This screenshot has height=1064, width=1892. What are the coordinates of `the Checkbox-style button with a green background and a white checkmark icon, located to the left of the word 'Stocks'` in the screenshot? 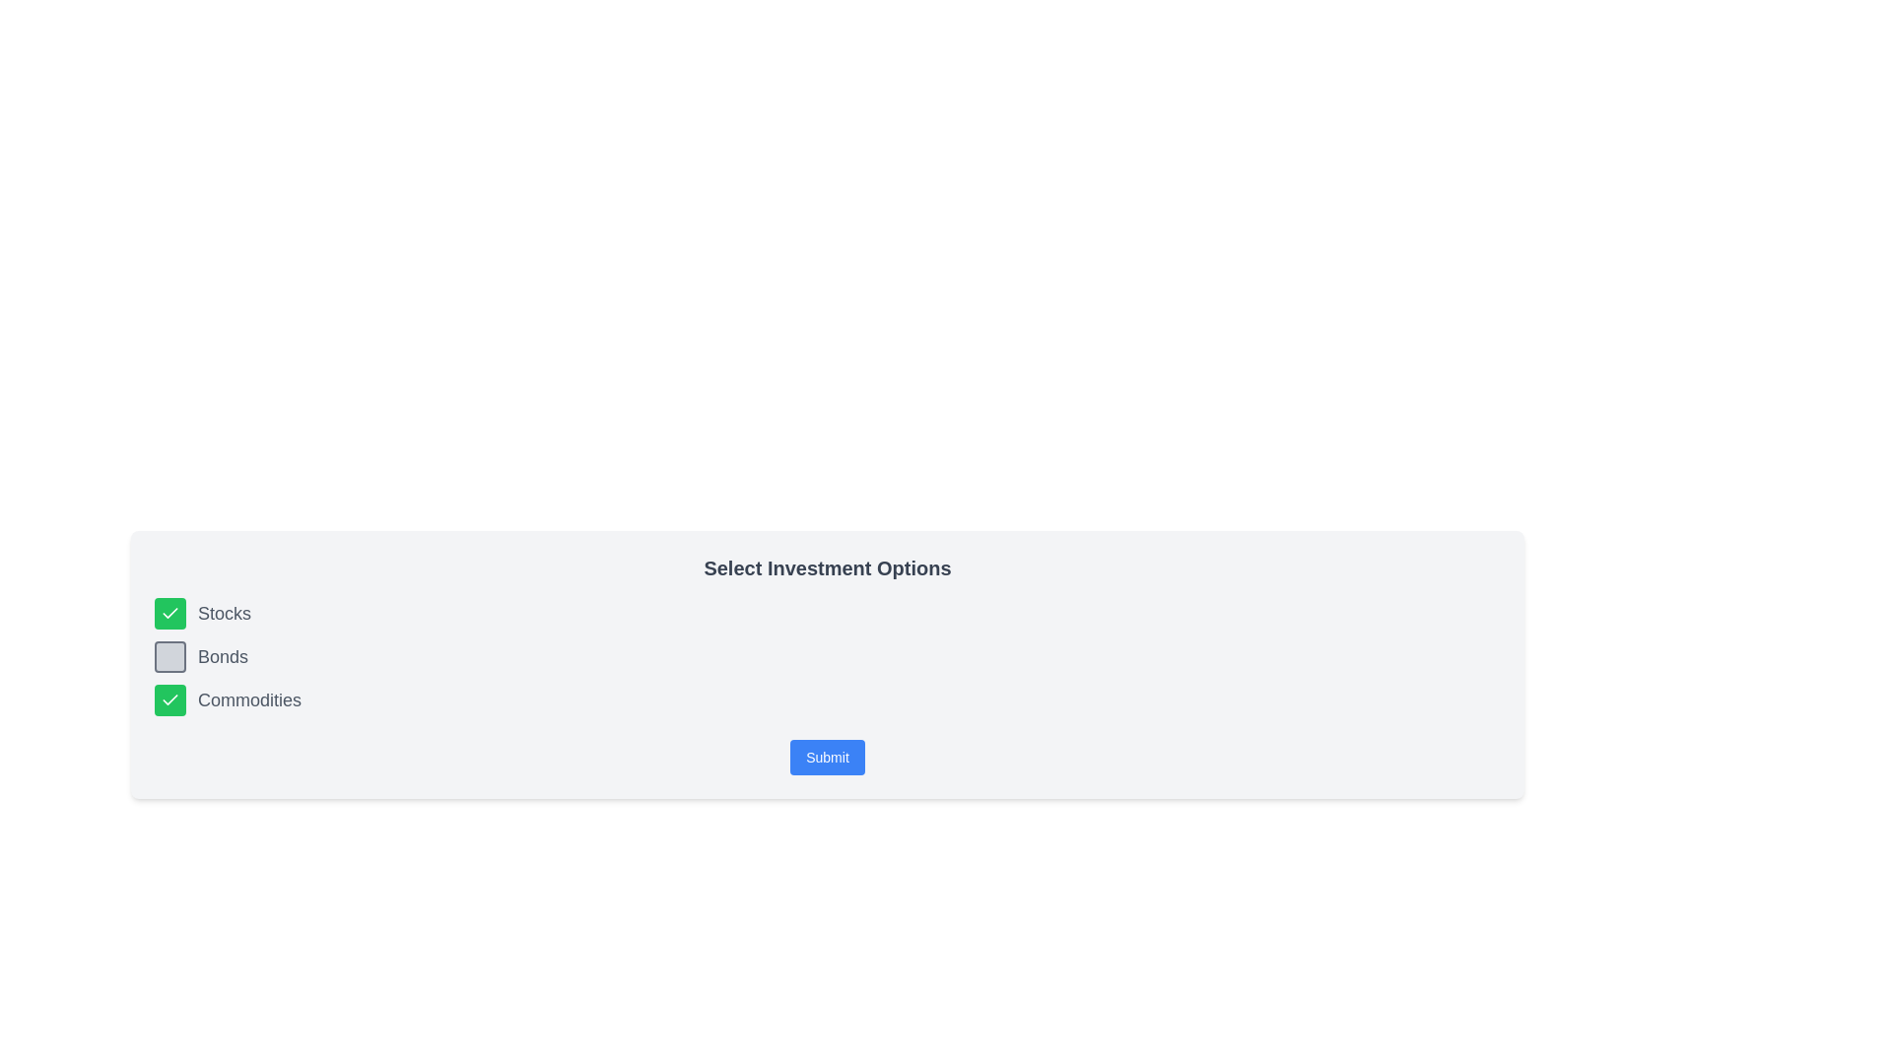 It's located at (169, 613).